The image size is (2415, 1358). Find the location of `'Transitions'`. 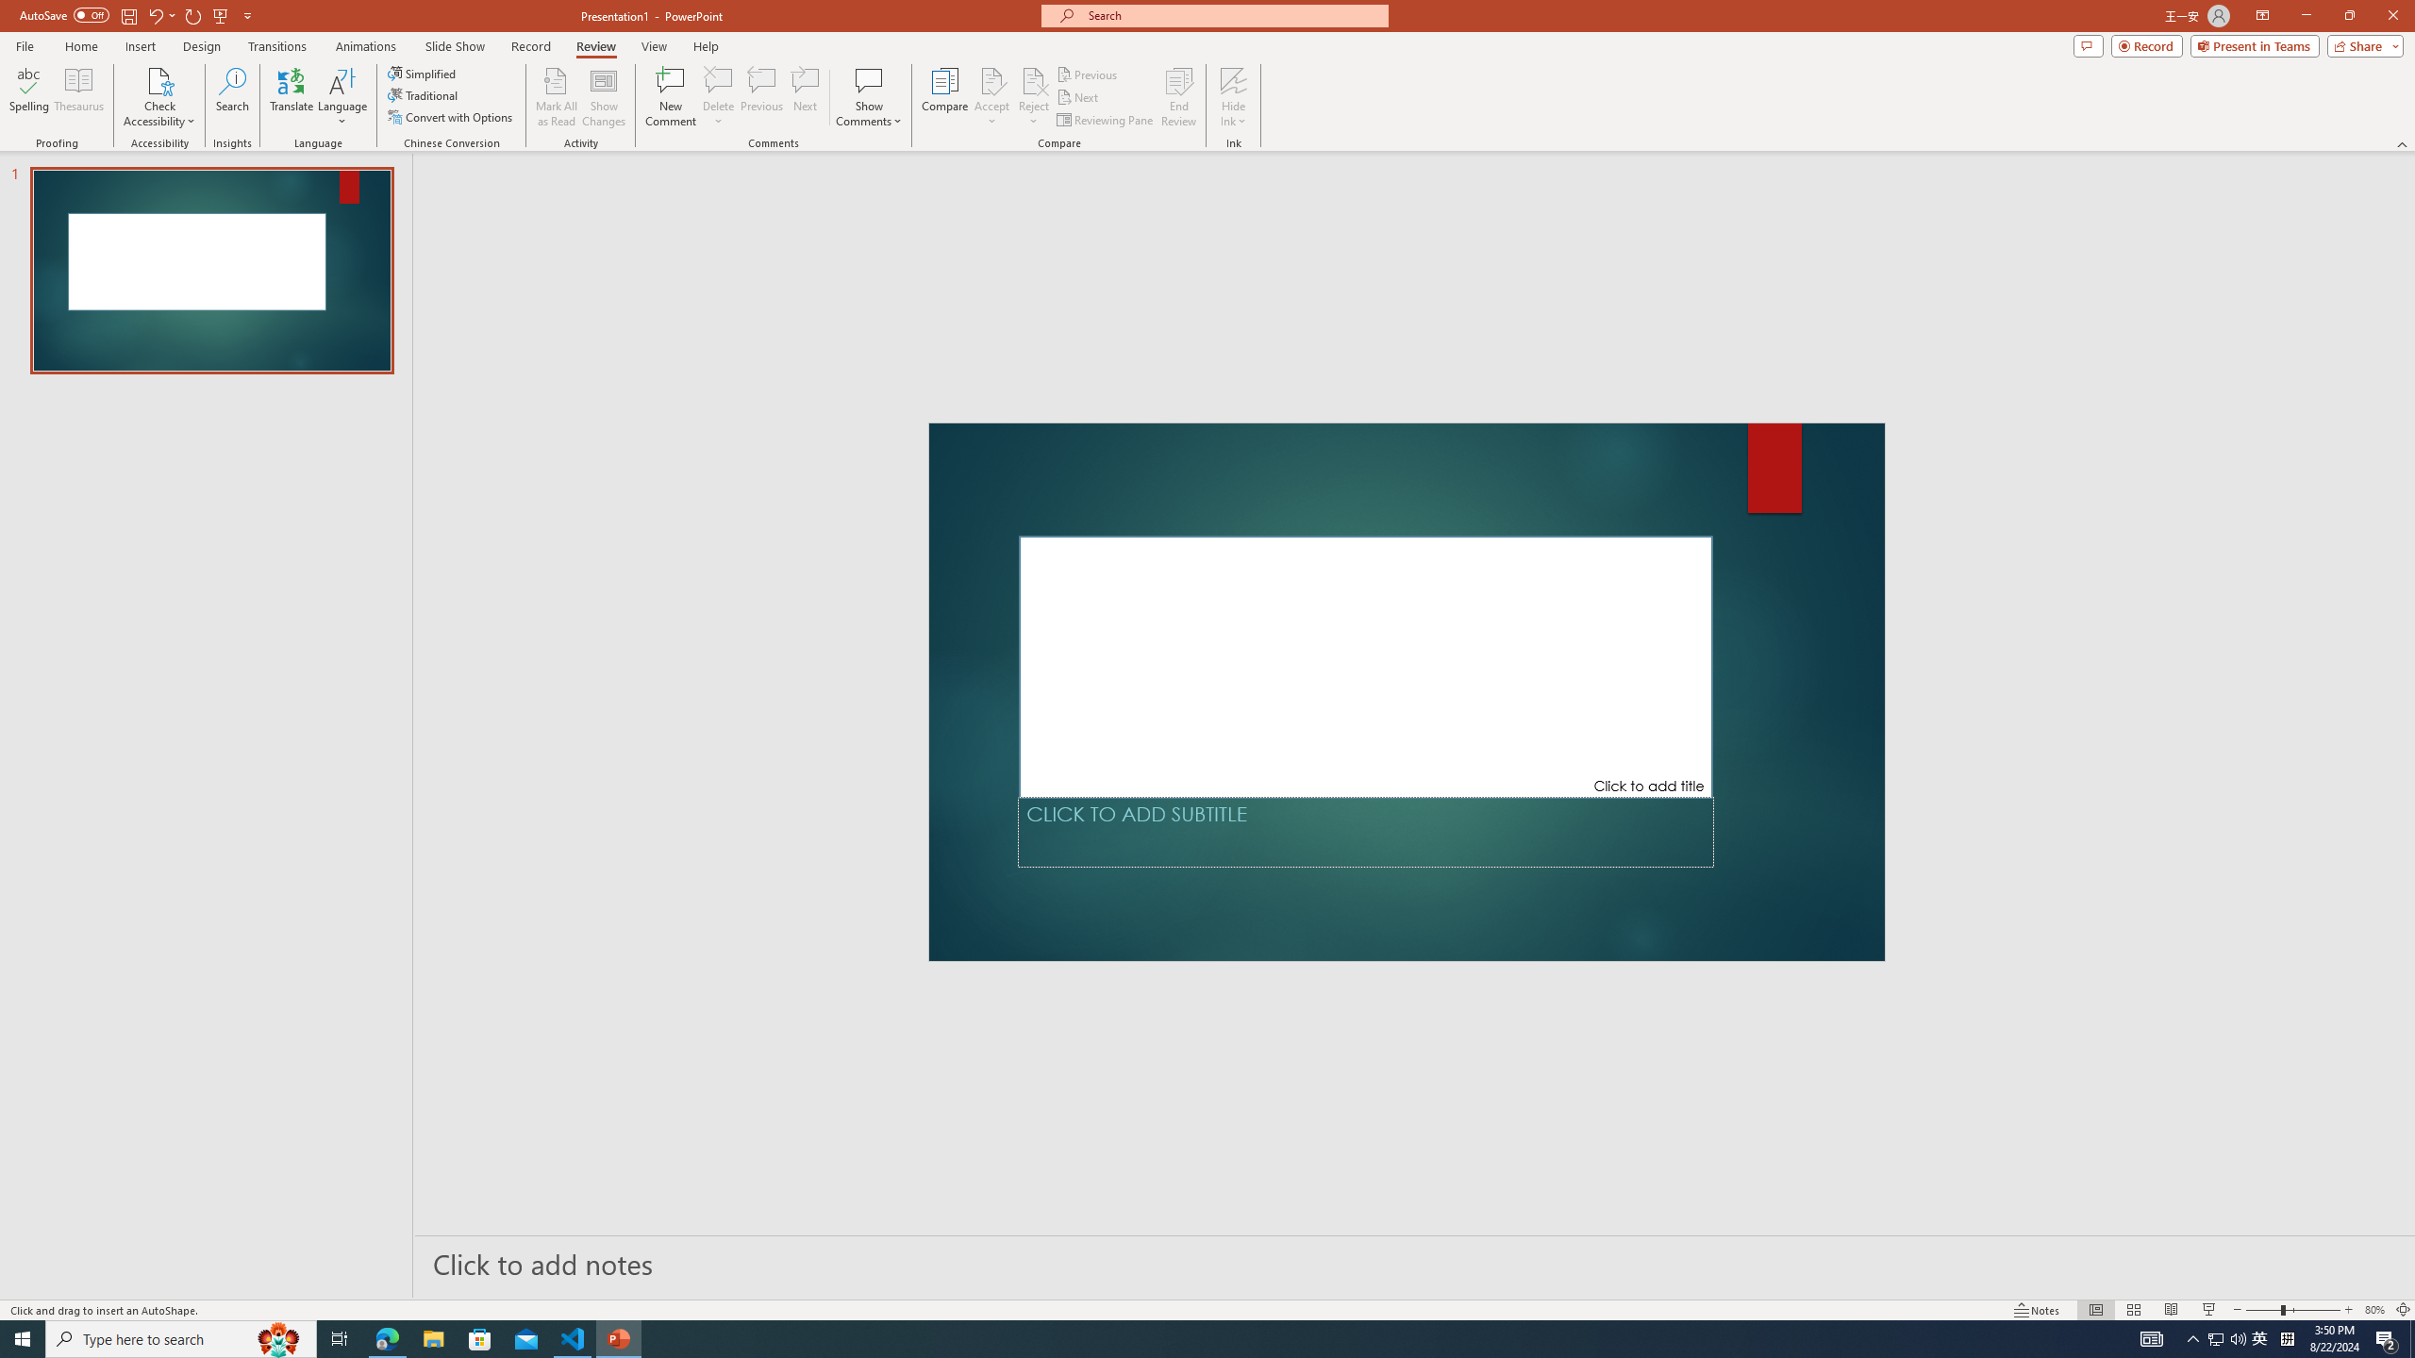

'Transitions' is located at coordinates (276, 46).